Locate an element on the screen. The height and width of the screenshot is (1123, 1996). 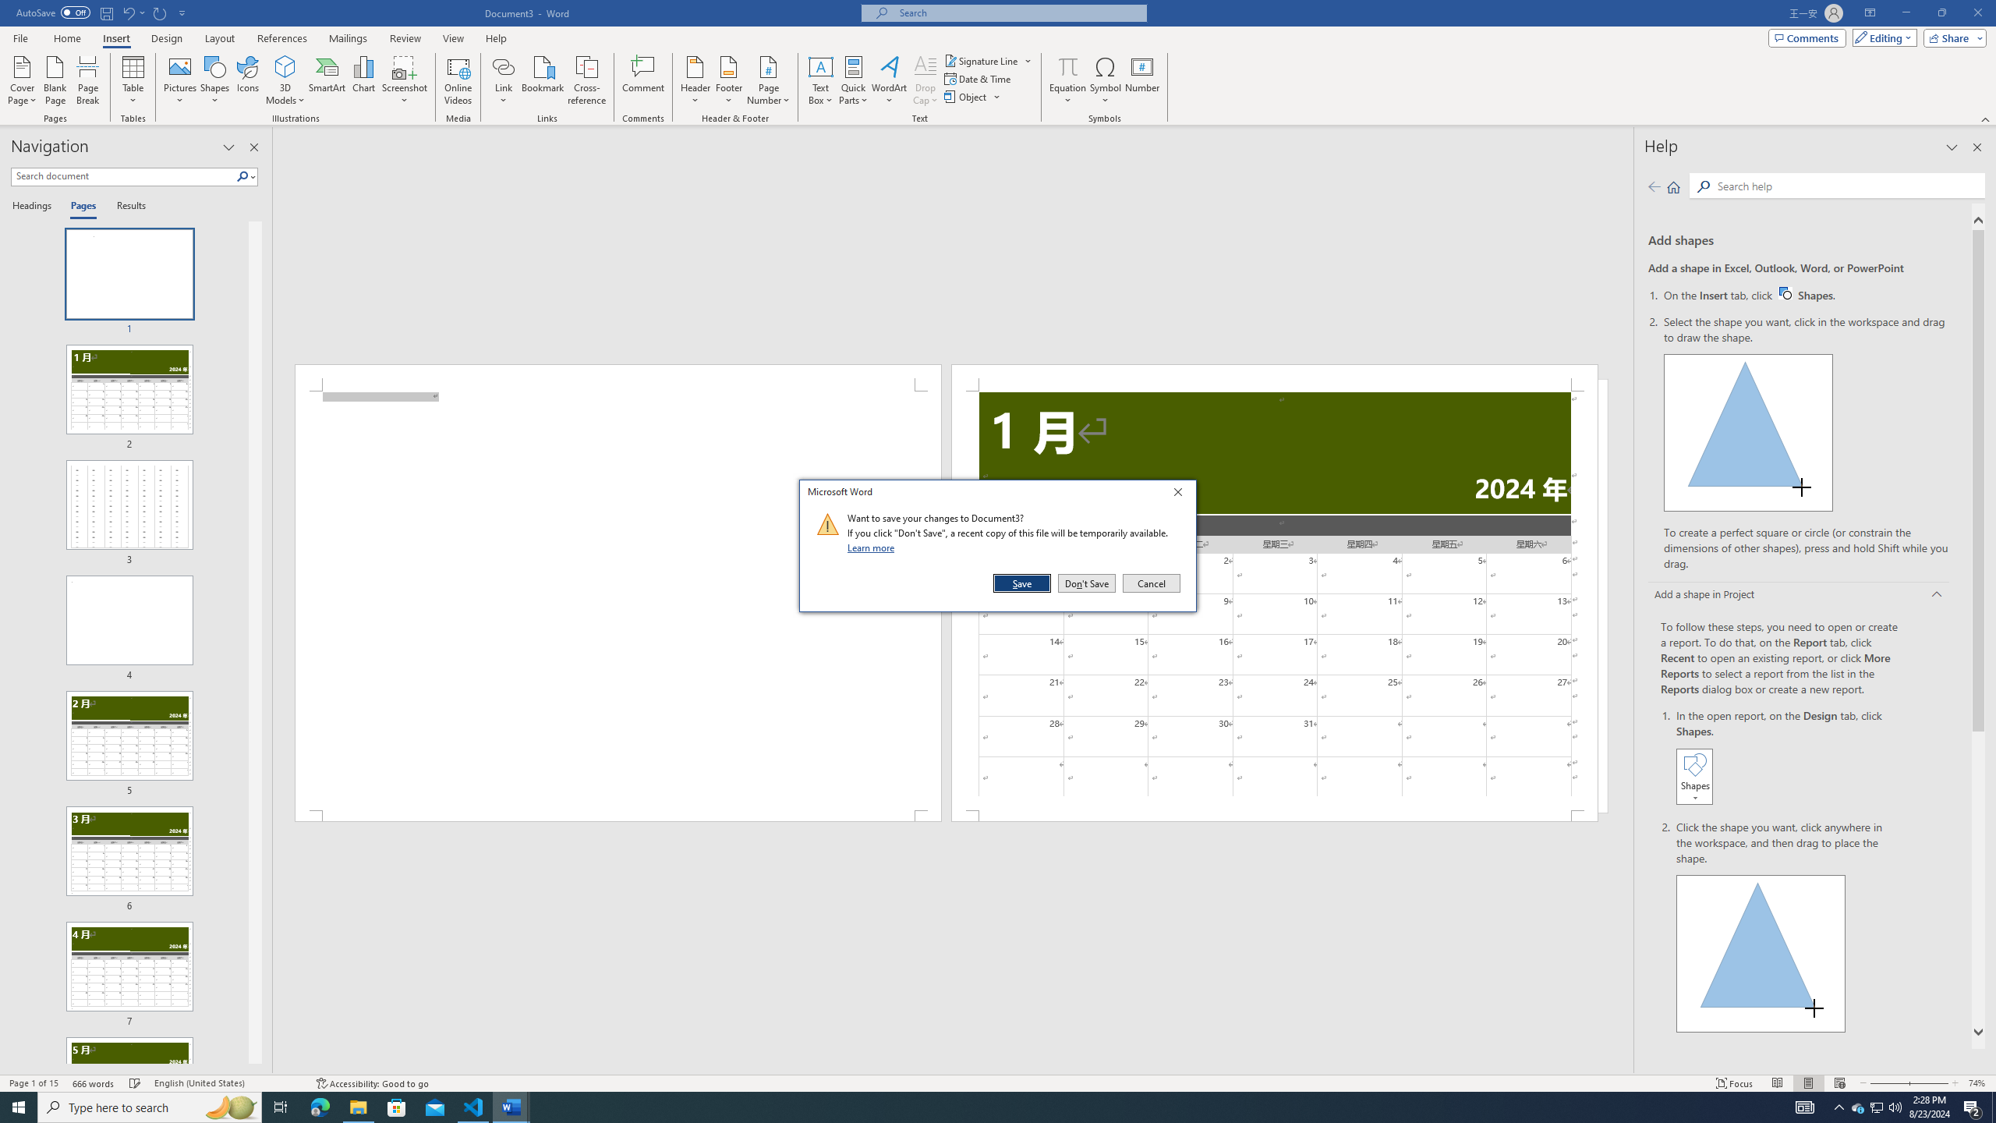
'File Explorer - 1 running window' is located at coordinates (357, 1106).